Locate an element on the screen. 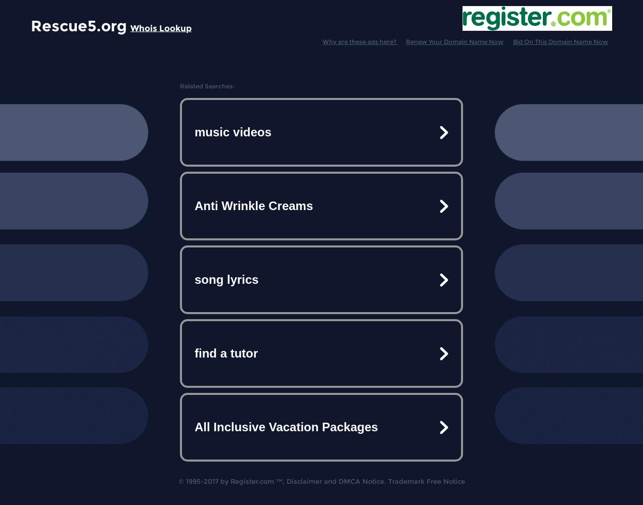  'find a tutor' is located at coordinates (225, 352).